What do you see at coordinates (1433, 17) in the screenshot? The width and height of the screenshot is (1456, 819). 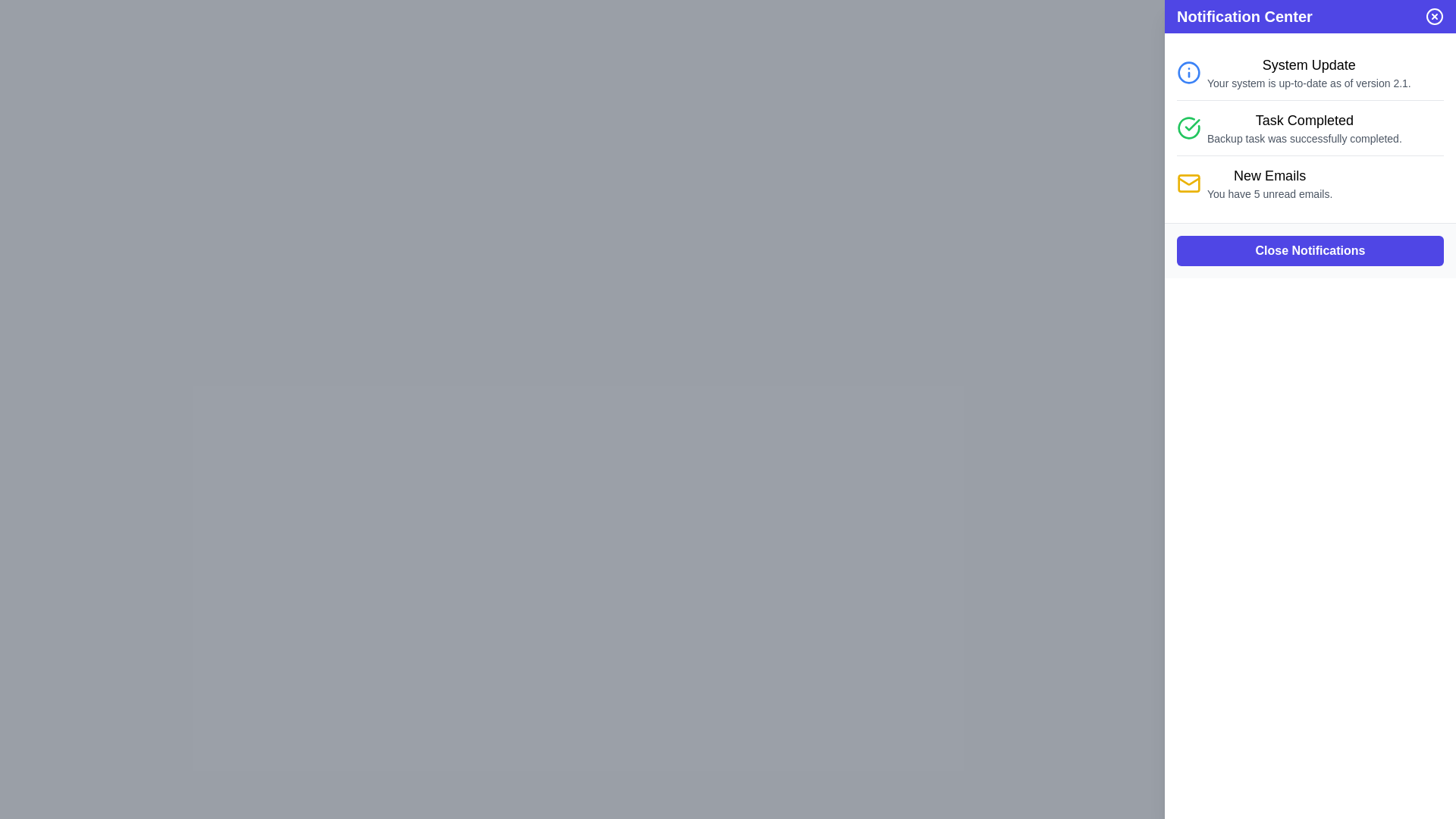 I see `SVG Circle Icon located at the top right corner of the 'Notification Center' panel to gather detailed information about its attributes and functionality` at bounding box center [1433, 17].